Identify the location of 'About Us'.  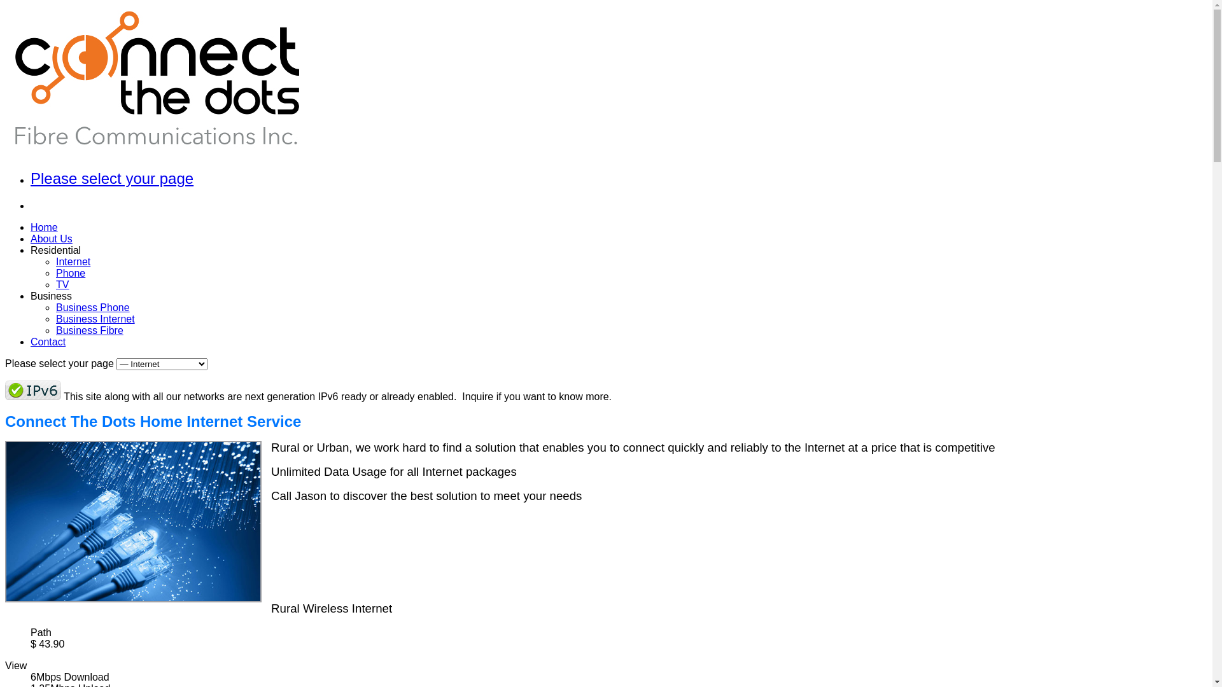
(51, 239).